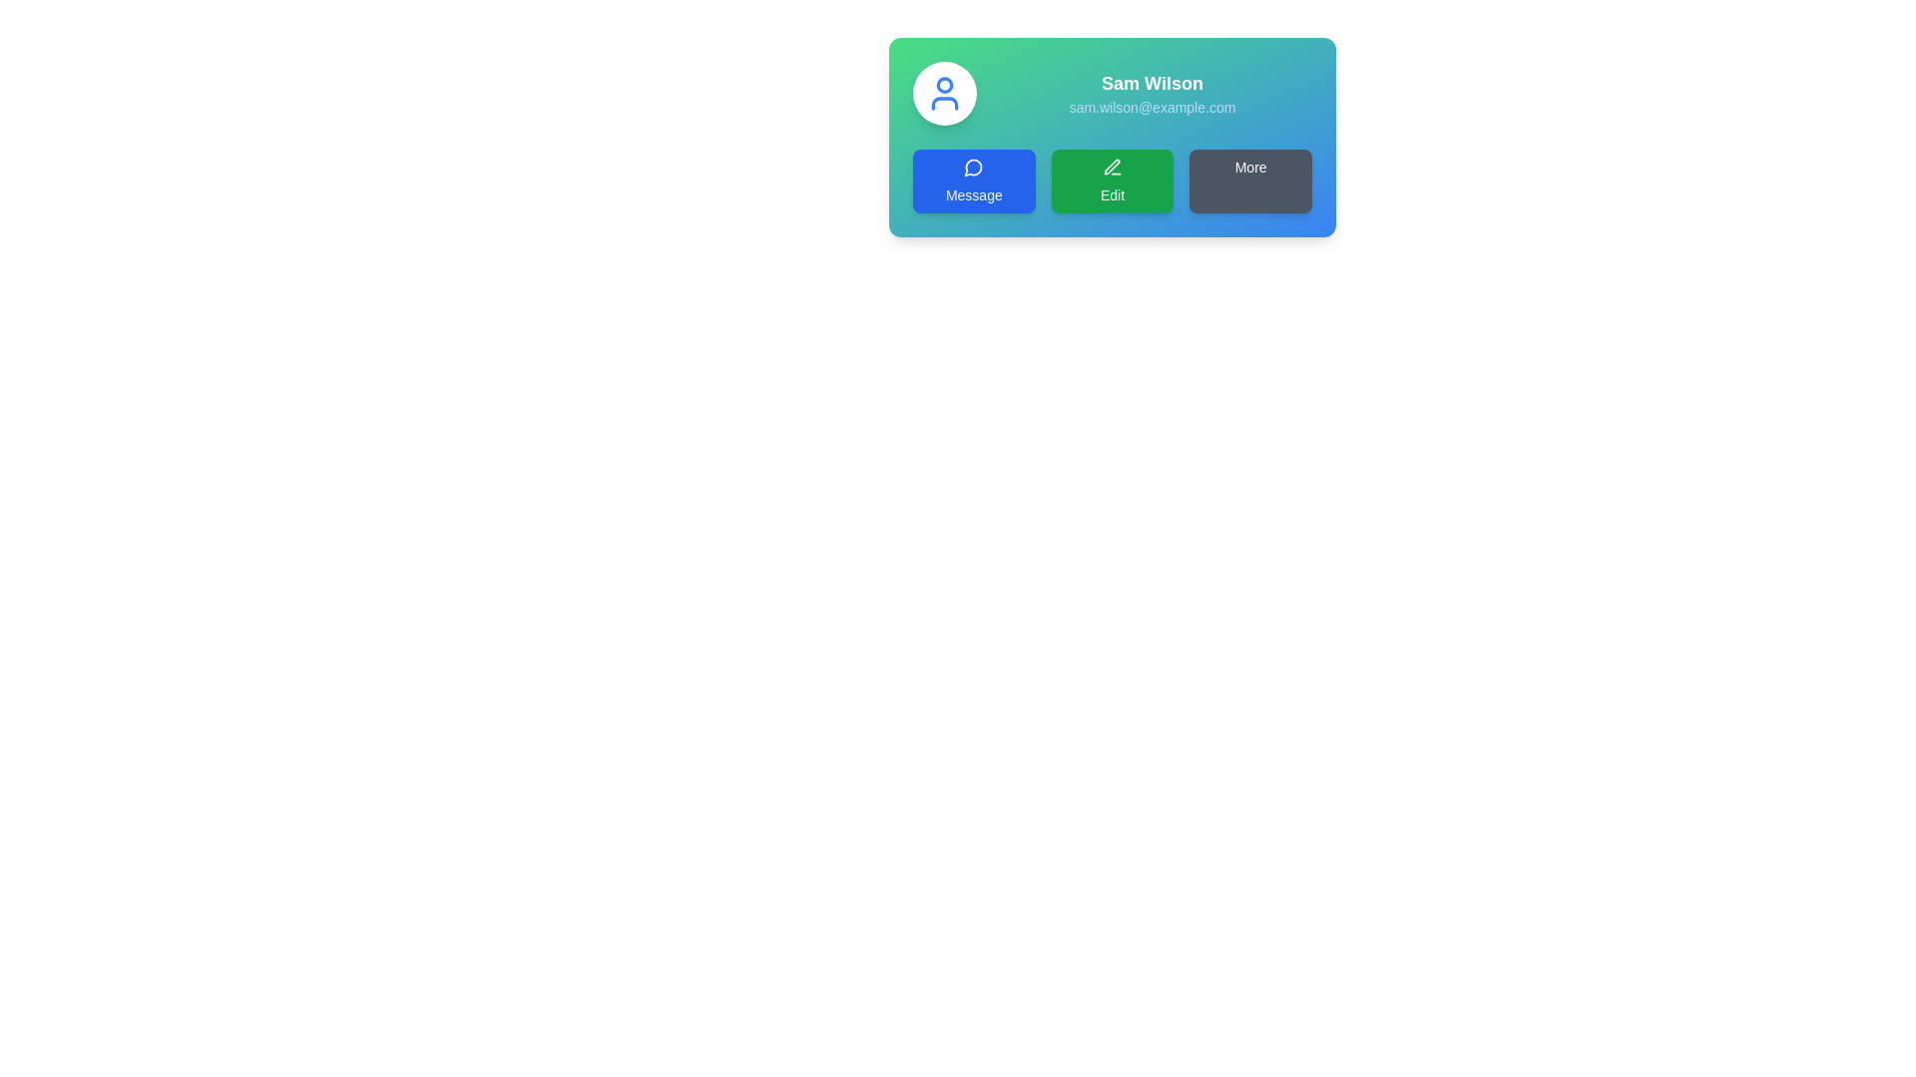  I want to click on text 'More' from the dark rectangular button aligned to the right in the horizontal row of buttons below the user information on the card, so click(1249, 167).